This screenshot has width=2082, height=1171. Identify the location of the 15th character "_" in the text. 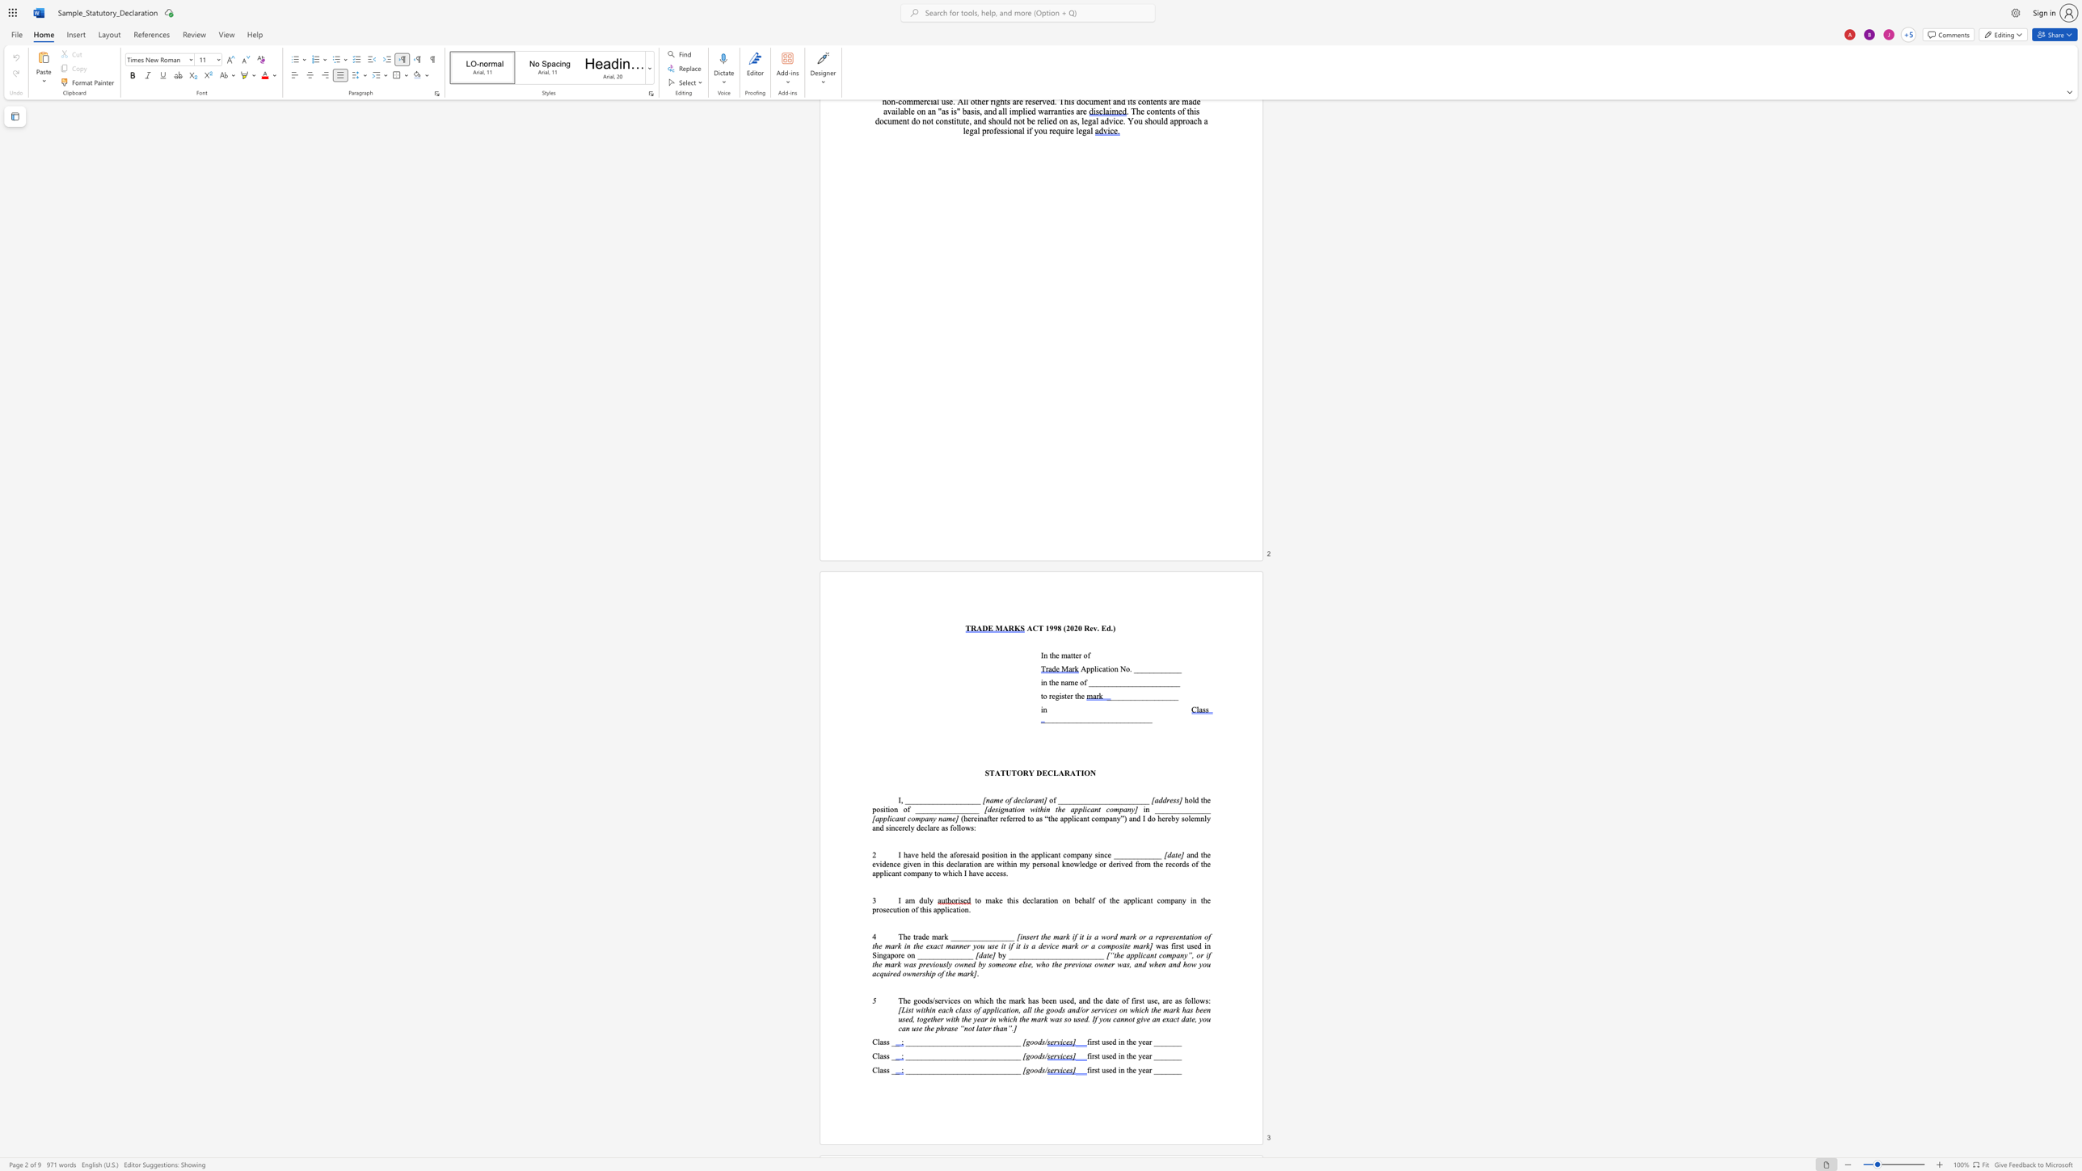
(963, 799).